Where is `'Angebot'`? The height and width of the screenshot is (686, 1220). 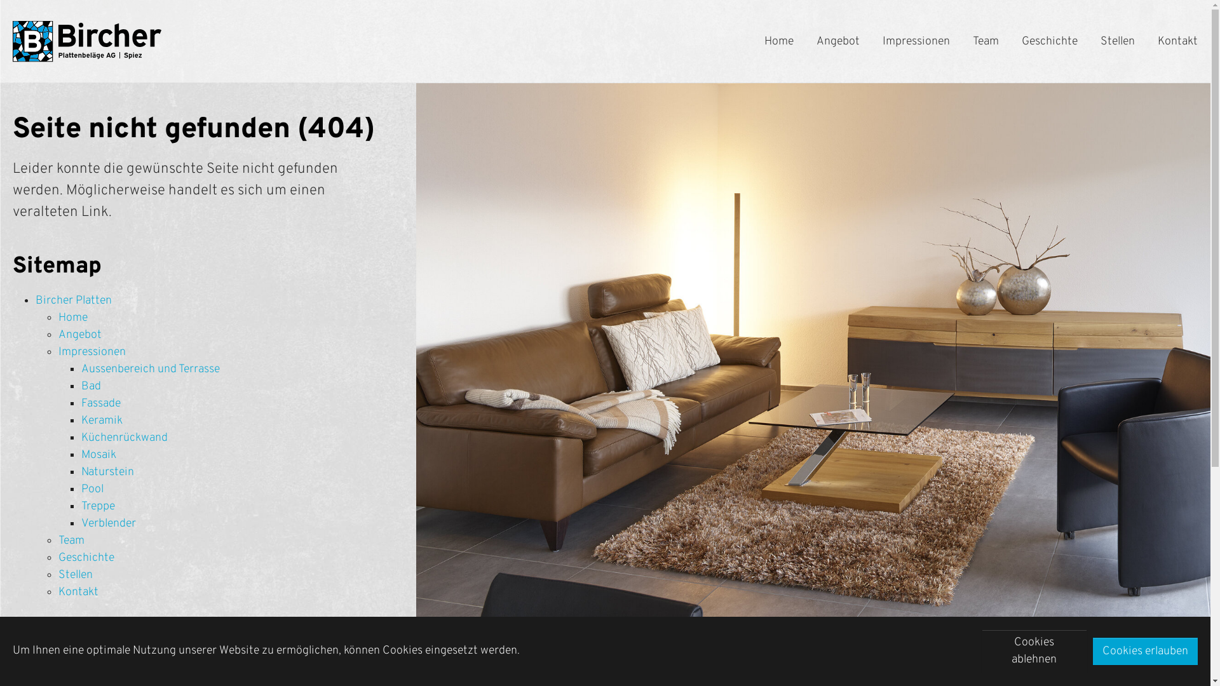
'Angebot' is located at coordinates (838, 40).